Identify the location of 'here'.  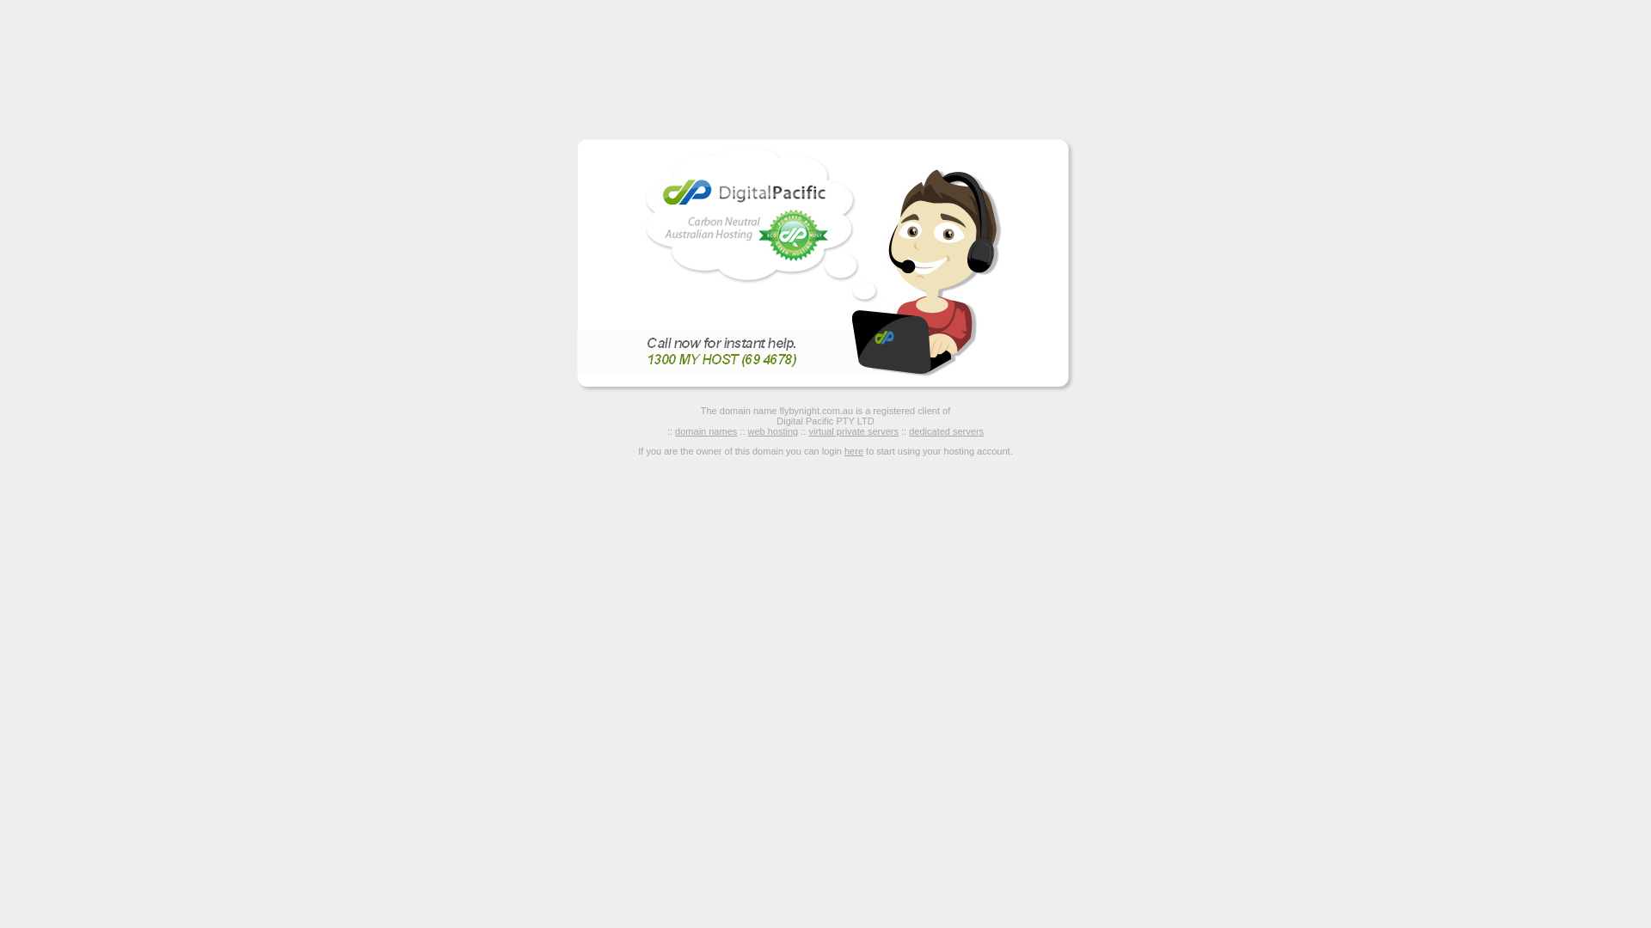
(854, 449).